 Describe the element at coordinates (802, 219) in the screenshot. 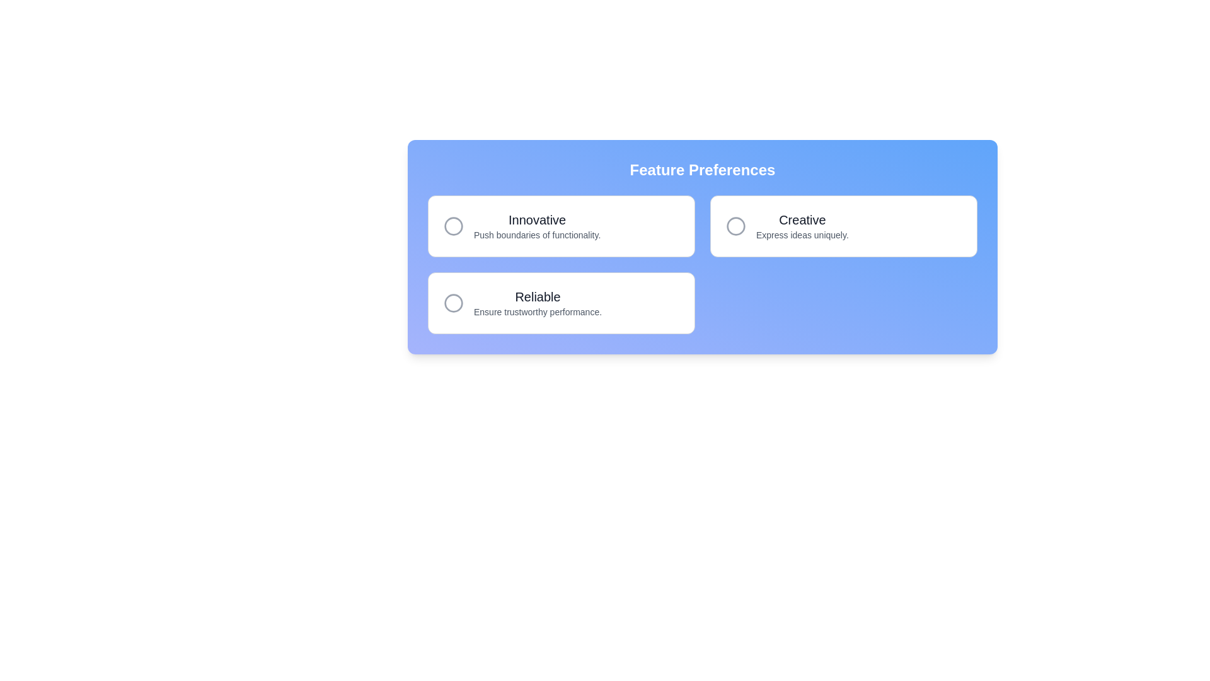

I see `the text label that displays the word 'Creative', which is styled in a larger bold dark gray font as the title of the second option in a feature preferences list` at that location.